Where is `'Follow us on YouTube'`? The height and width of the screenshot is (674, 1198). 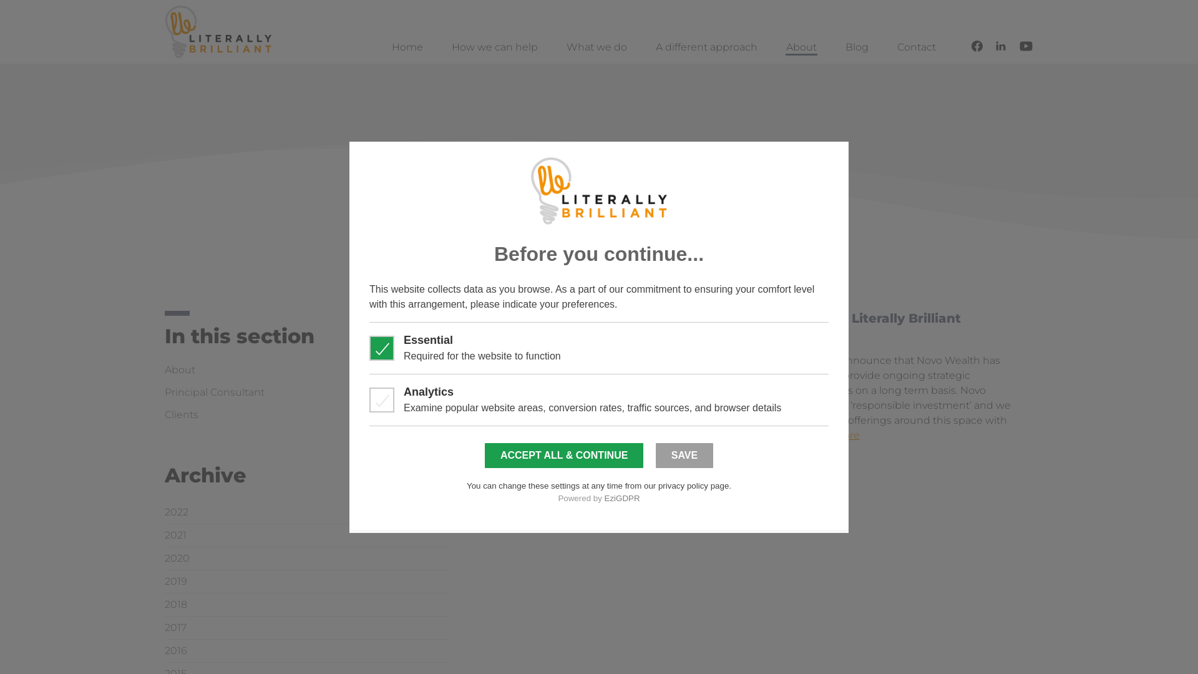
'Follow us on YouTube' is located at coordinates (1026, 45).